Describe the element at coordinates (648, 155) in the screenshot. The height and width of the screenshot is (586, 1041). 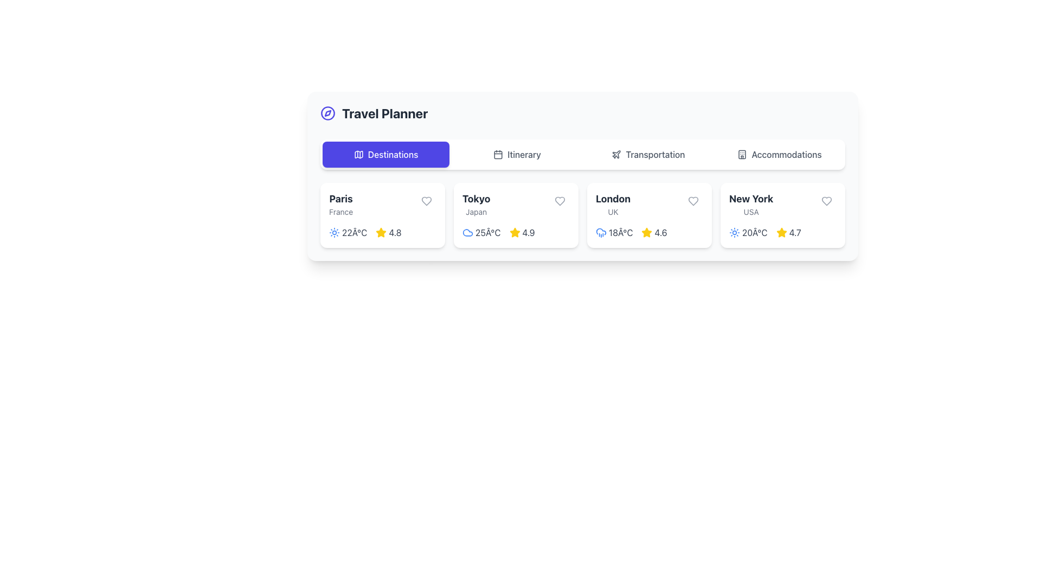
I see `the 'Transportation' button in the navigation bar to change its background color` at that location.